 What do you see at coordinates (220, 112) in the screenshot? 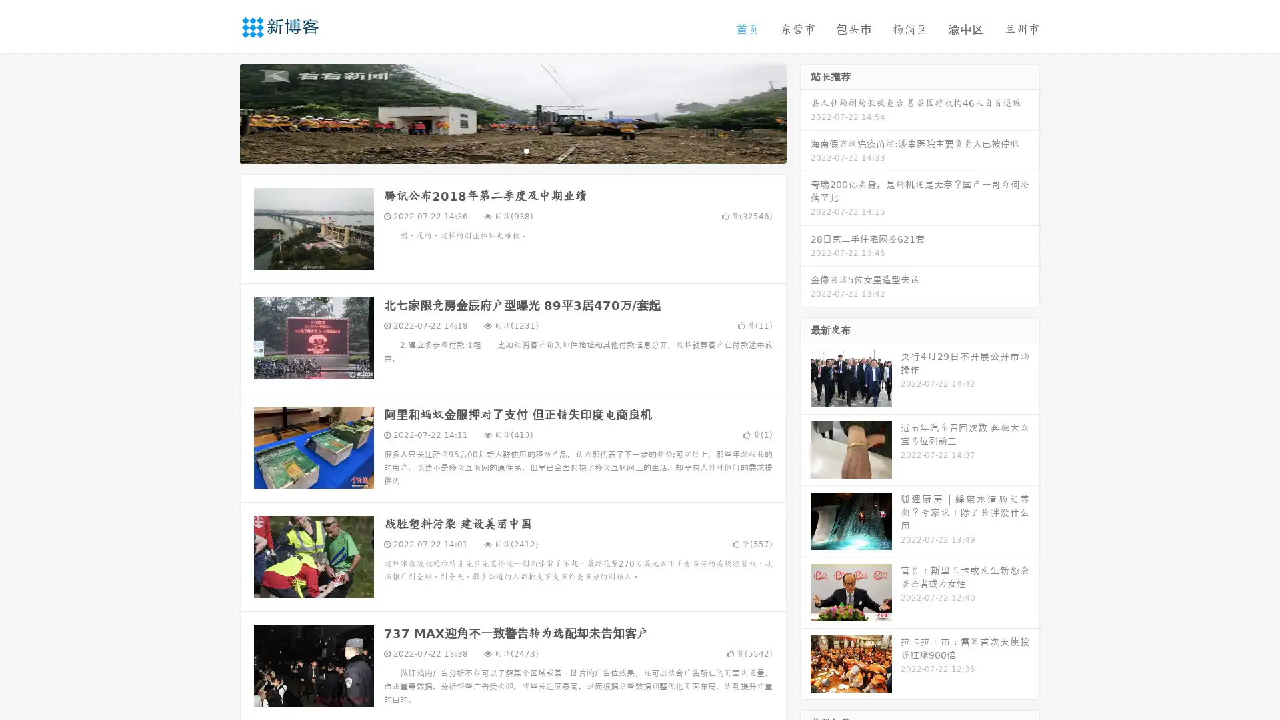
I see `Previous slide` at bounding box center [220, 112].